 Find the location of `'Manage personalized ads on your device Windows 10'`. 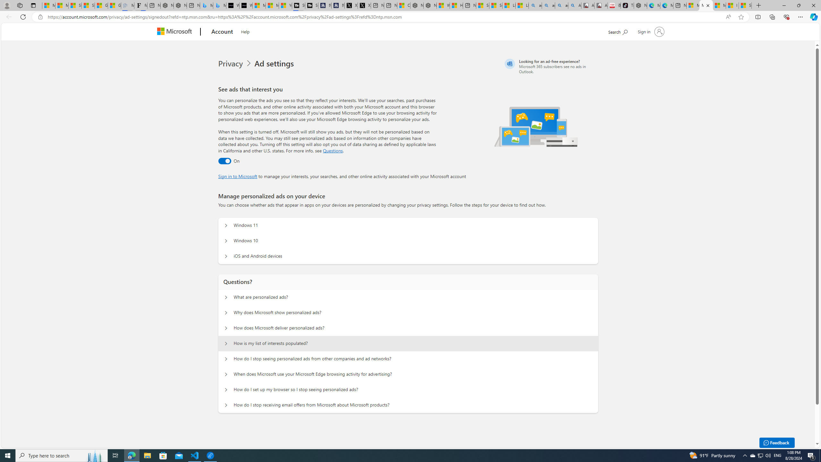

'Manage personalized ads on your device Windows 10' is located at coordinates (226, 241).